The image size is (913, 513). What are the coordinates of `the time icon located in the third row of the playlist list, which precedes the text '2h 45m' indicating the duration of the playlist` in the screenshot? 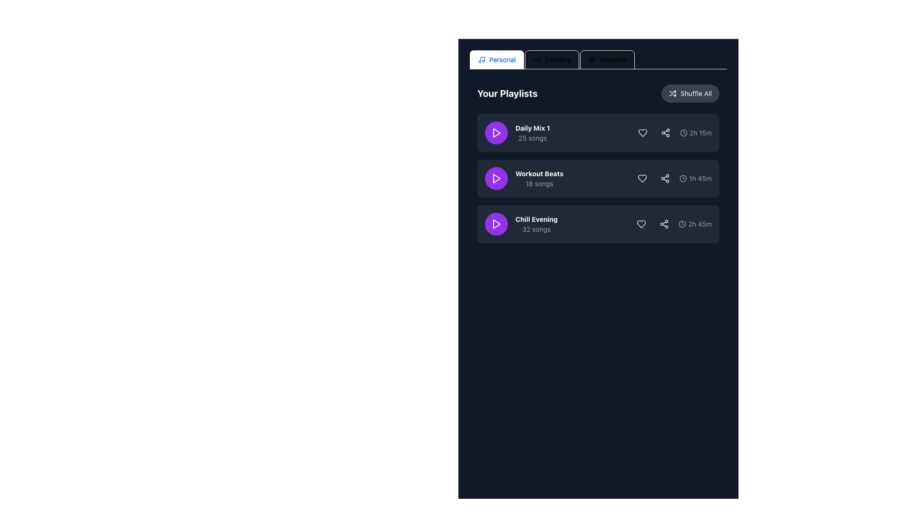 It's located at (682, 224).